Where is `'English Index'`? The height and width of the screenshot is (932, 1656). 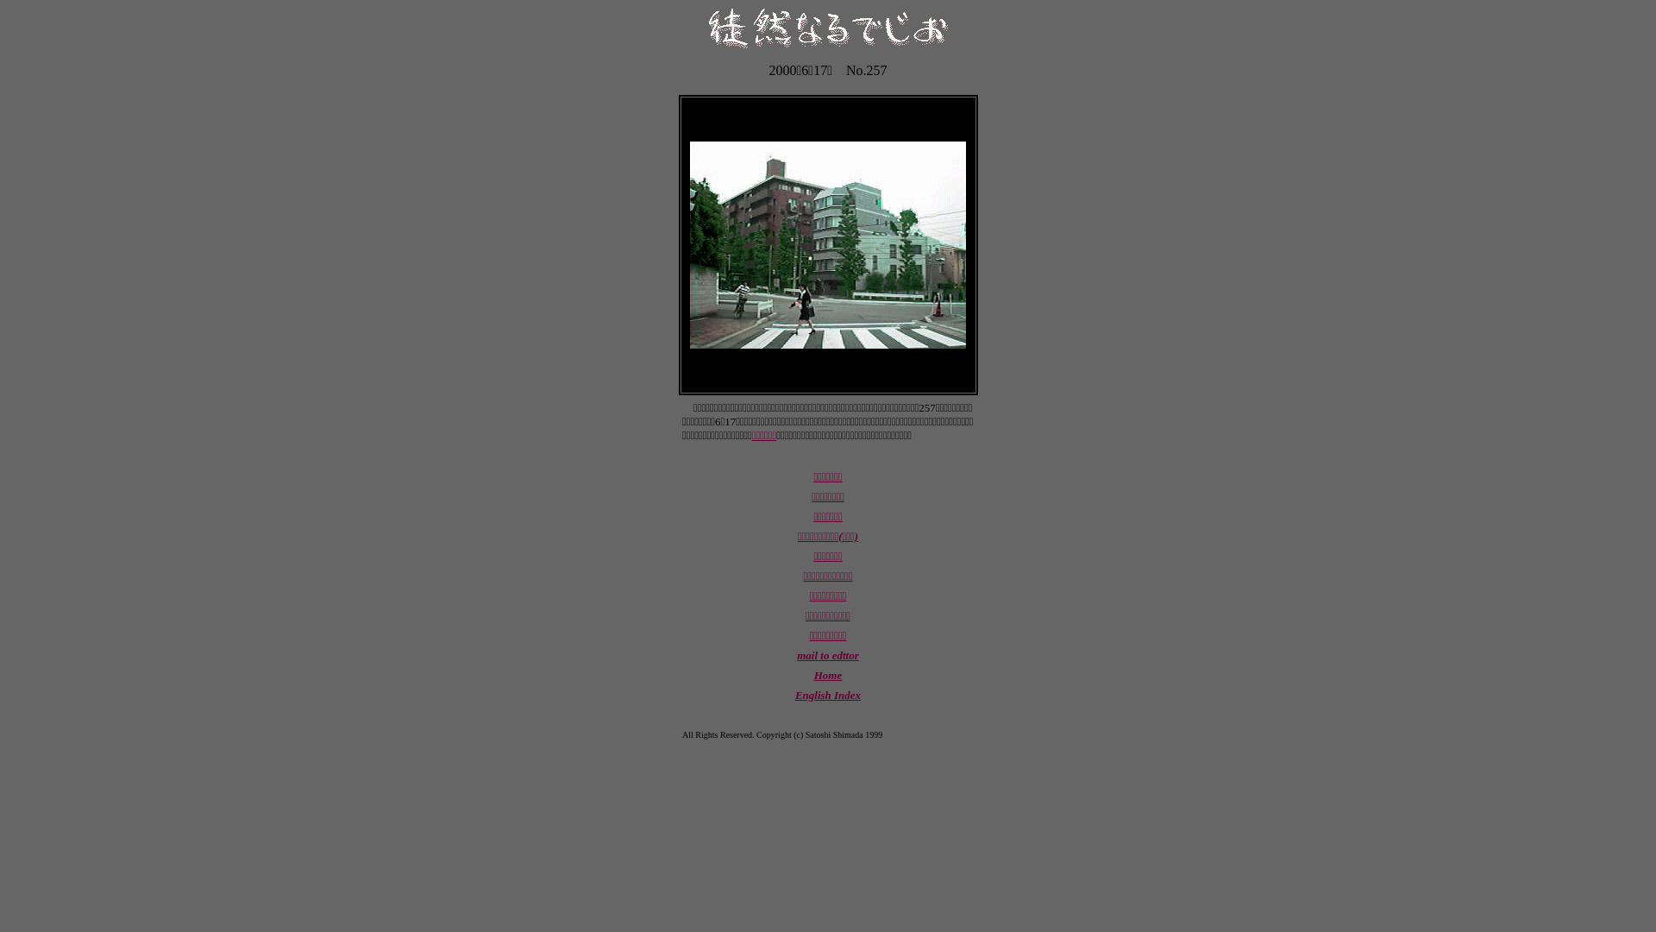 'English Index' is located at coordinates (828, 694).